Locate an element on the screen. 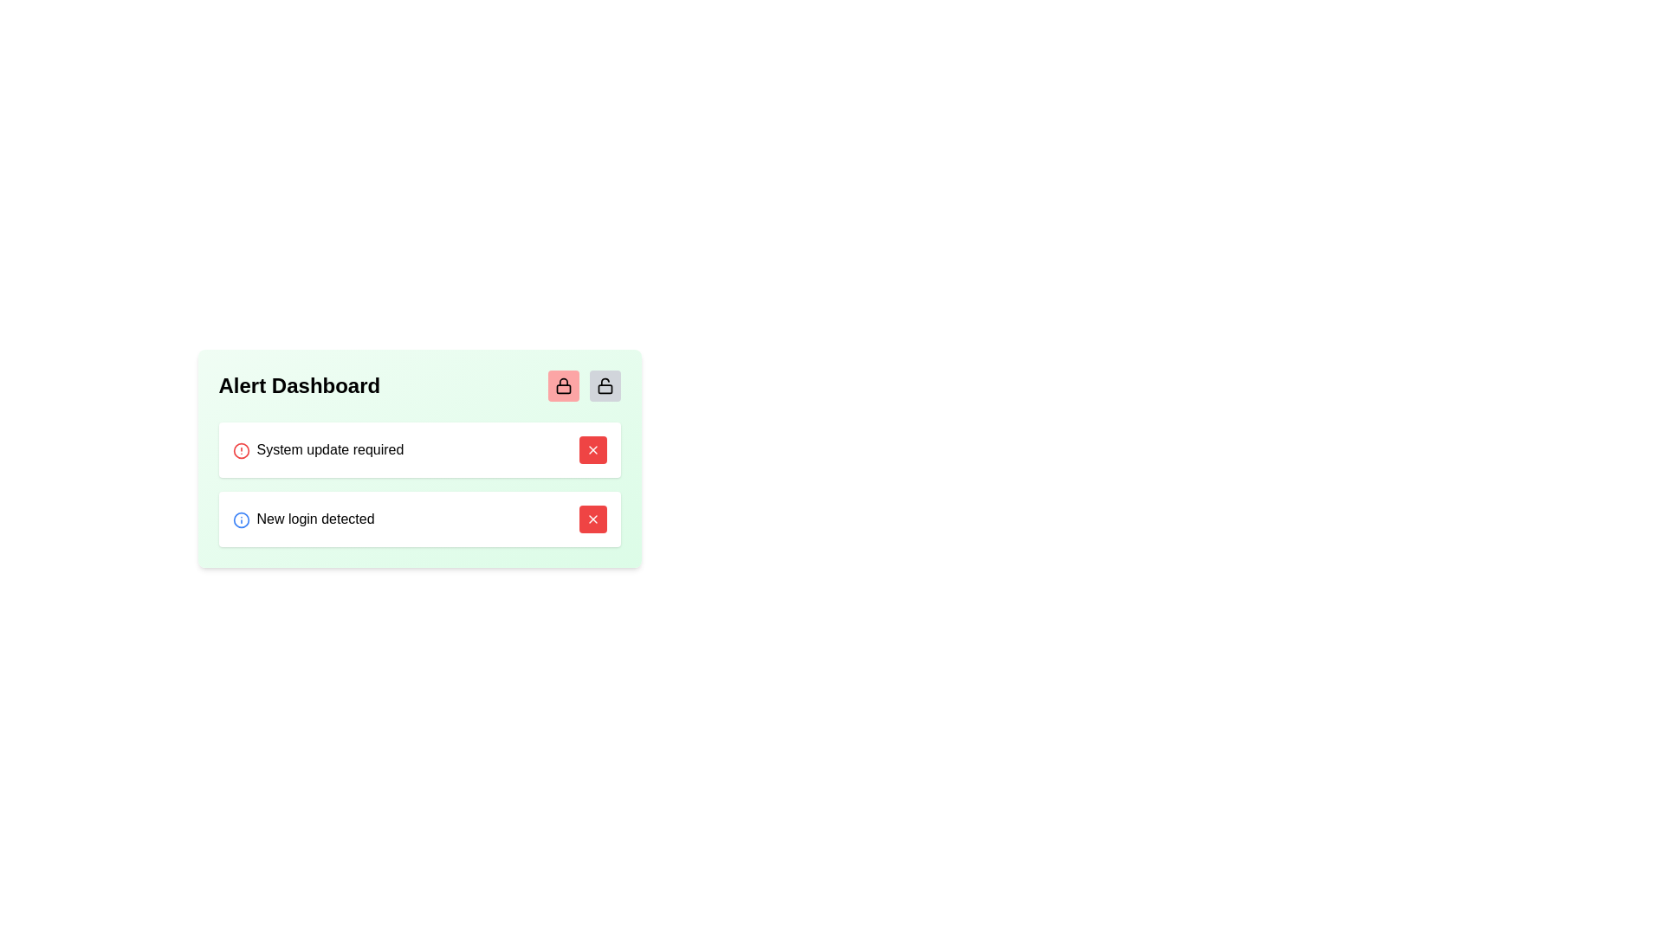 The height and width of the screenshot is (935, 1663). the Notification card that informs the user about an update requirement for the system, which is the first row in a stack of notifications is located at coordinates (419, 449).